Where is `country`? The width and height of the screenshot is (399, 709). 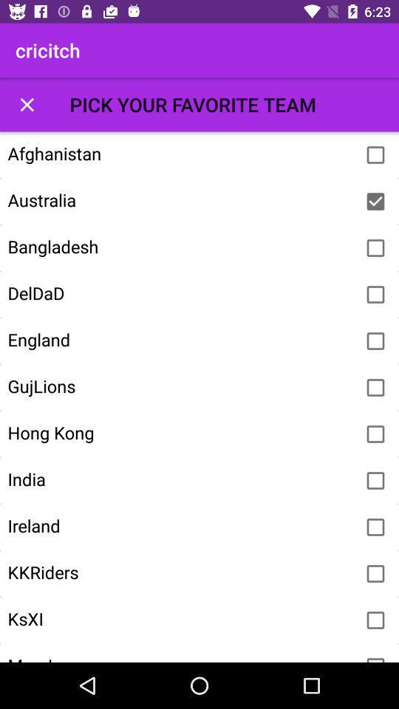 country is located at coordinates (375, 155).